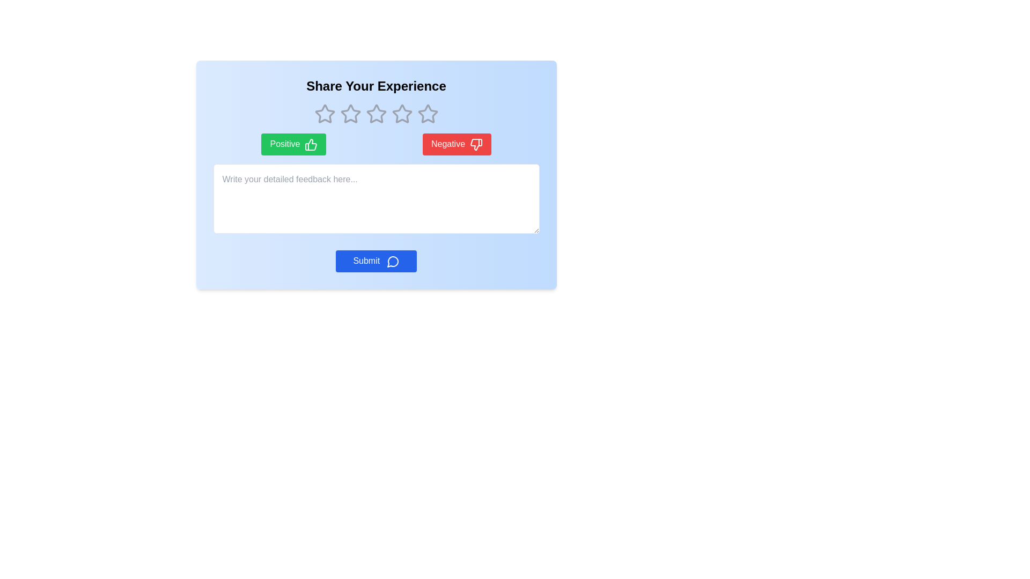 This screenshot has width=1030, height=579. I want to click on the fourth star-shaped icon in the rating system, so click(376, 114).